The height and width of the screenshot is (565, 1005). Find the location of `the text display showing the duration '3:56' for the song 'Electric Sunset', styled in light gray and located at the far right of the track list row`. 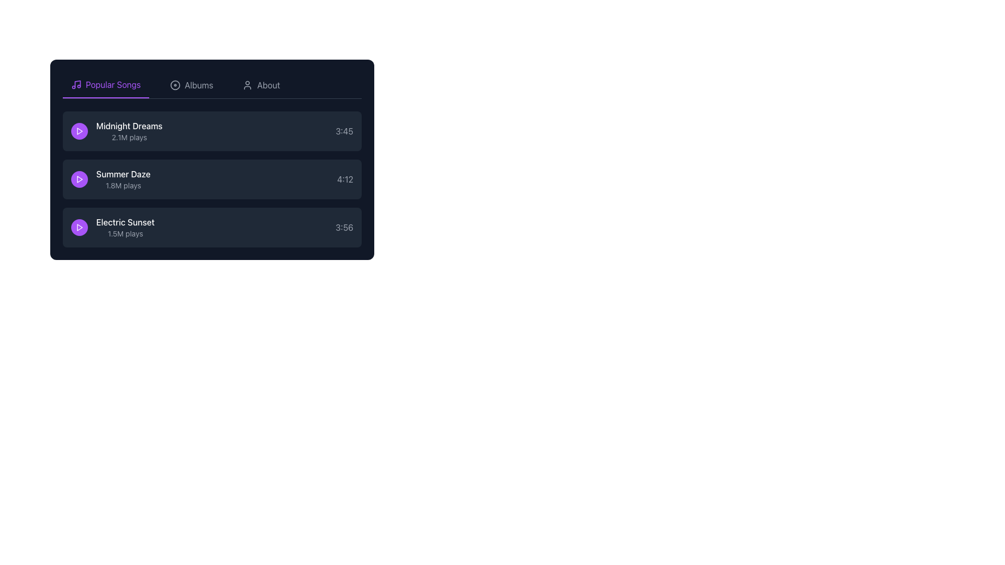

the text display showing the duration '3:56' for the song 'Electric Sunset', styled in light gray and located at the far right of the track list row is located at coordinates (344, 227).